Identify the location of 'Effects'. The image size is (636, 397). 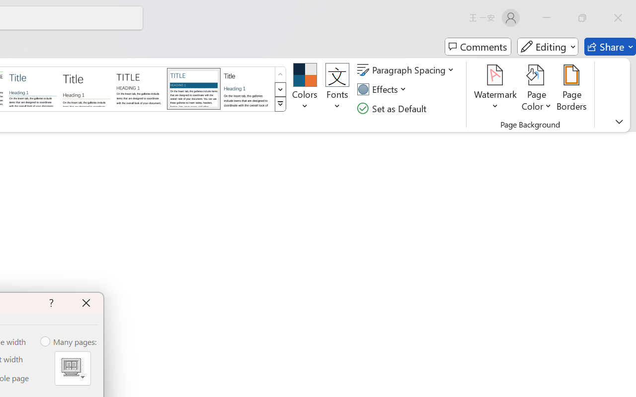
(383, 89).